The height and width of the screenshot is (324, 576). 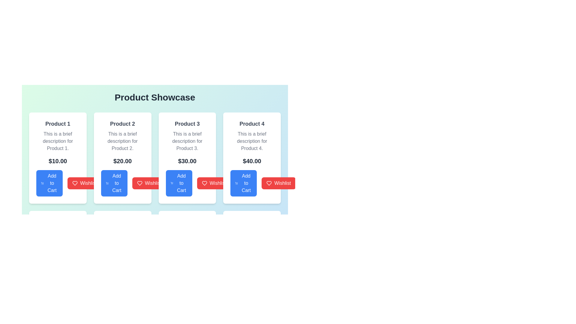 What do you see at coordinates (252, 158) in the screenshot?
I see `the product card displaying details about 'Product 4', which is the fourth card in a grid layout of eight product cards` at bounding box center [252, 158].